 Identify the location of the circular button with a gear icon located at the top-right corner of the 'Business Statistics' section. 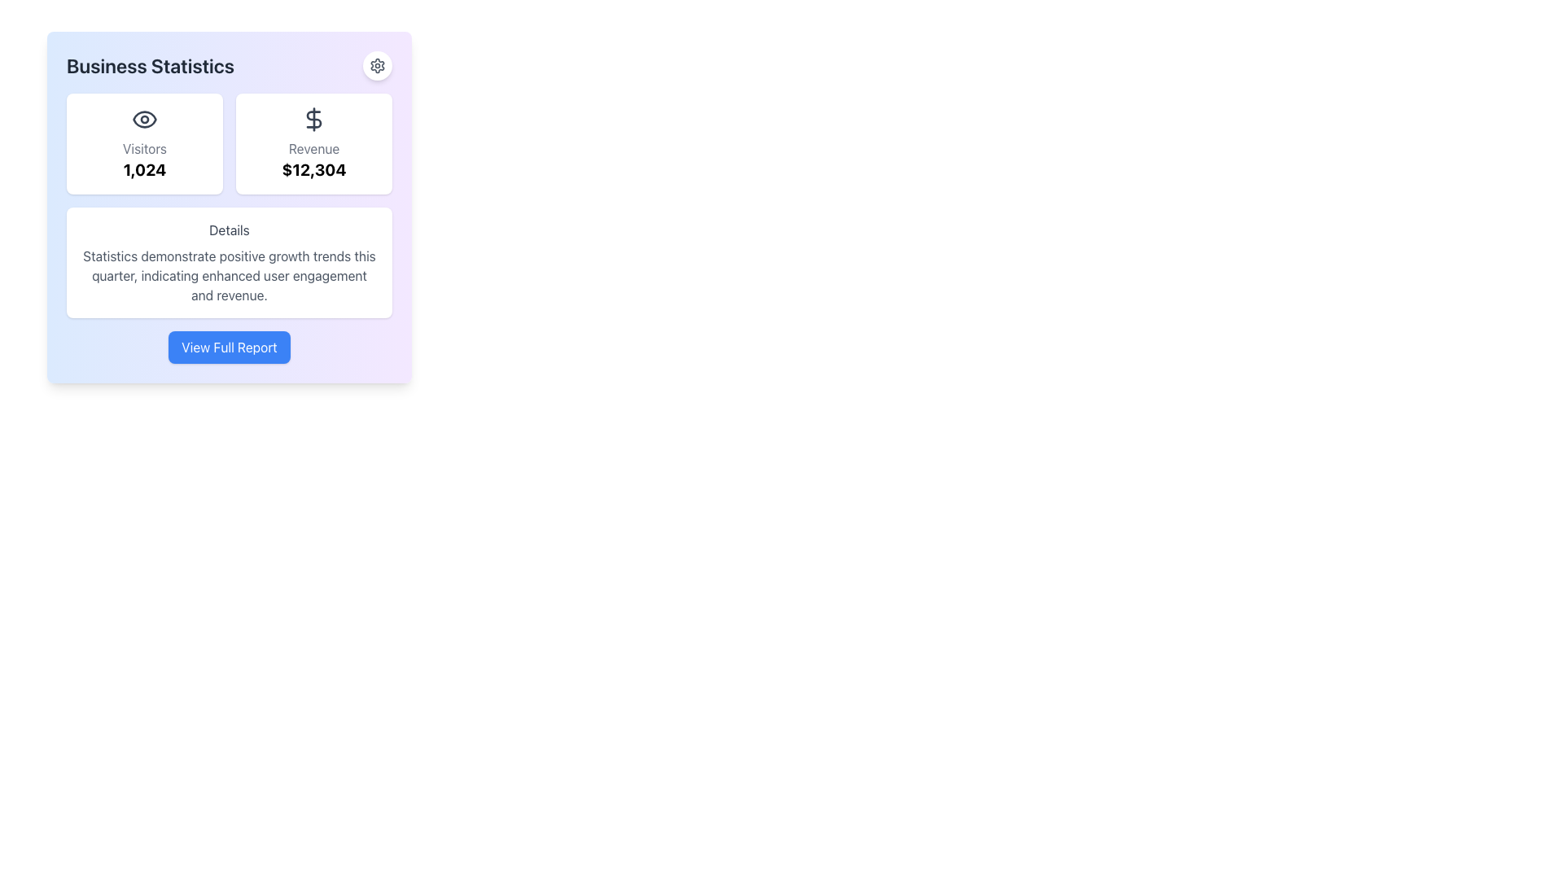
(377, 65).